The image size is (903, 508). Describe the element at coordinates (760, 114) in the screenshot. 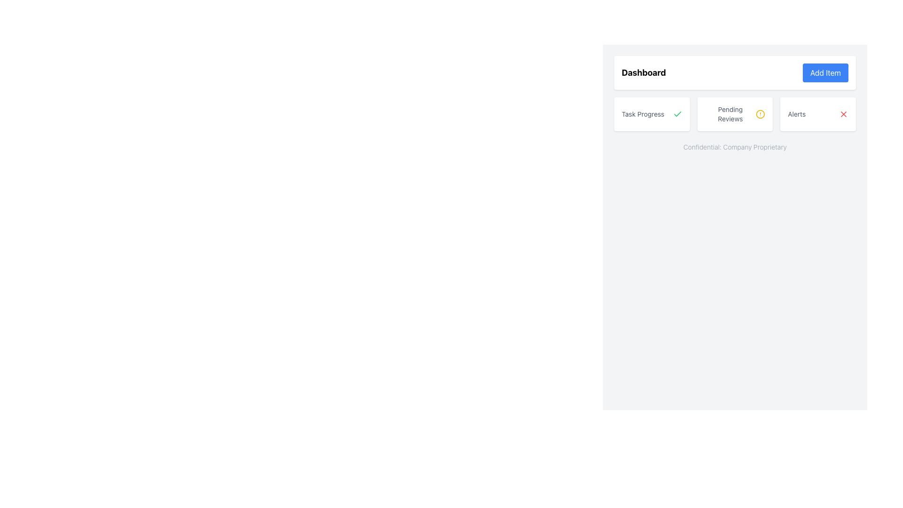

I see `the circular alert icon with a yellow outline located in the 'Pending Reviews' card, positioned to the right of the 'Pending Reviews' text` at that location.